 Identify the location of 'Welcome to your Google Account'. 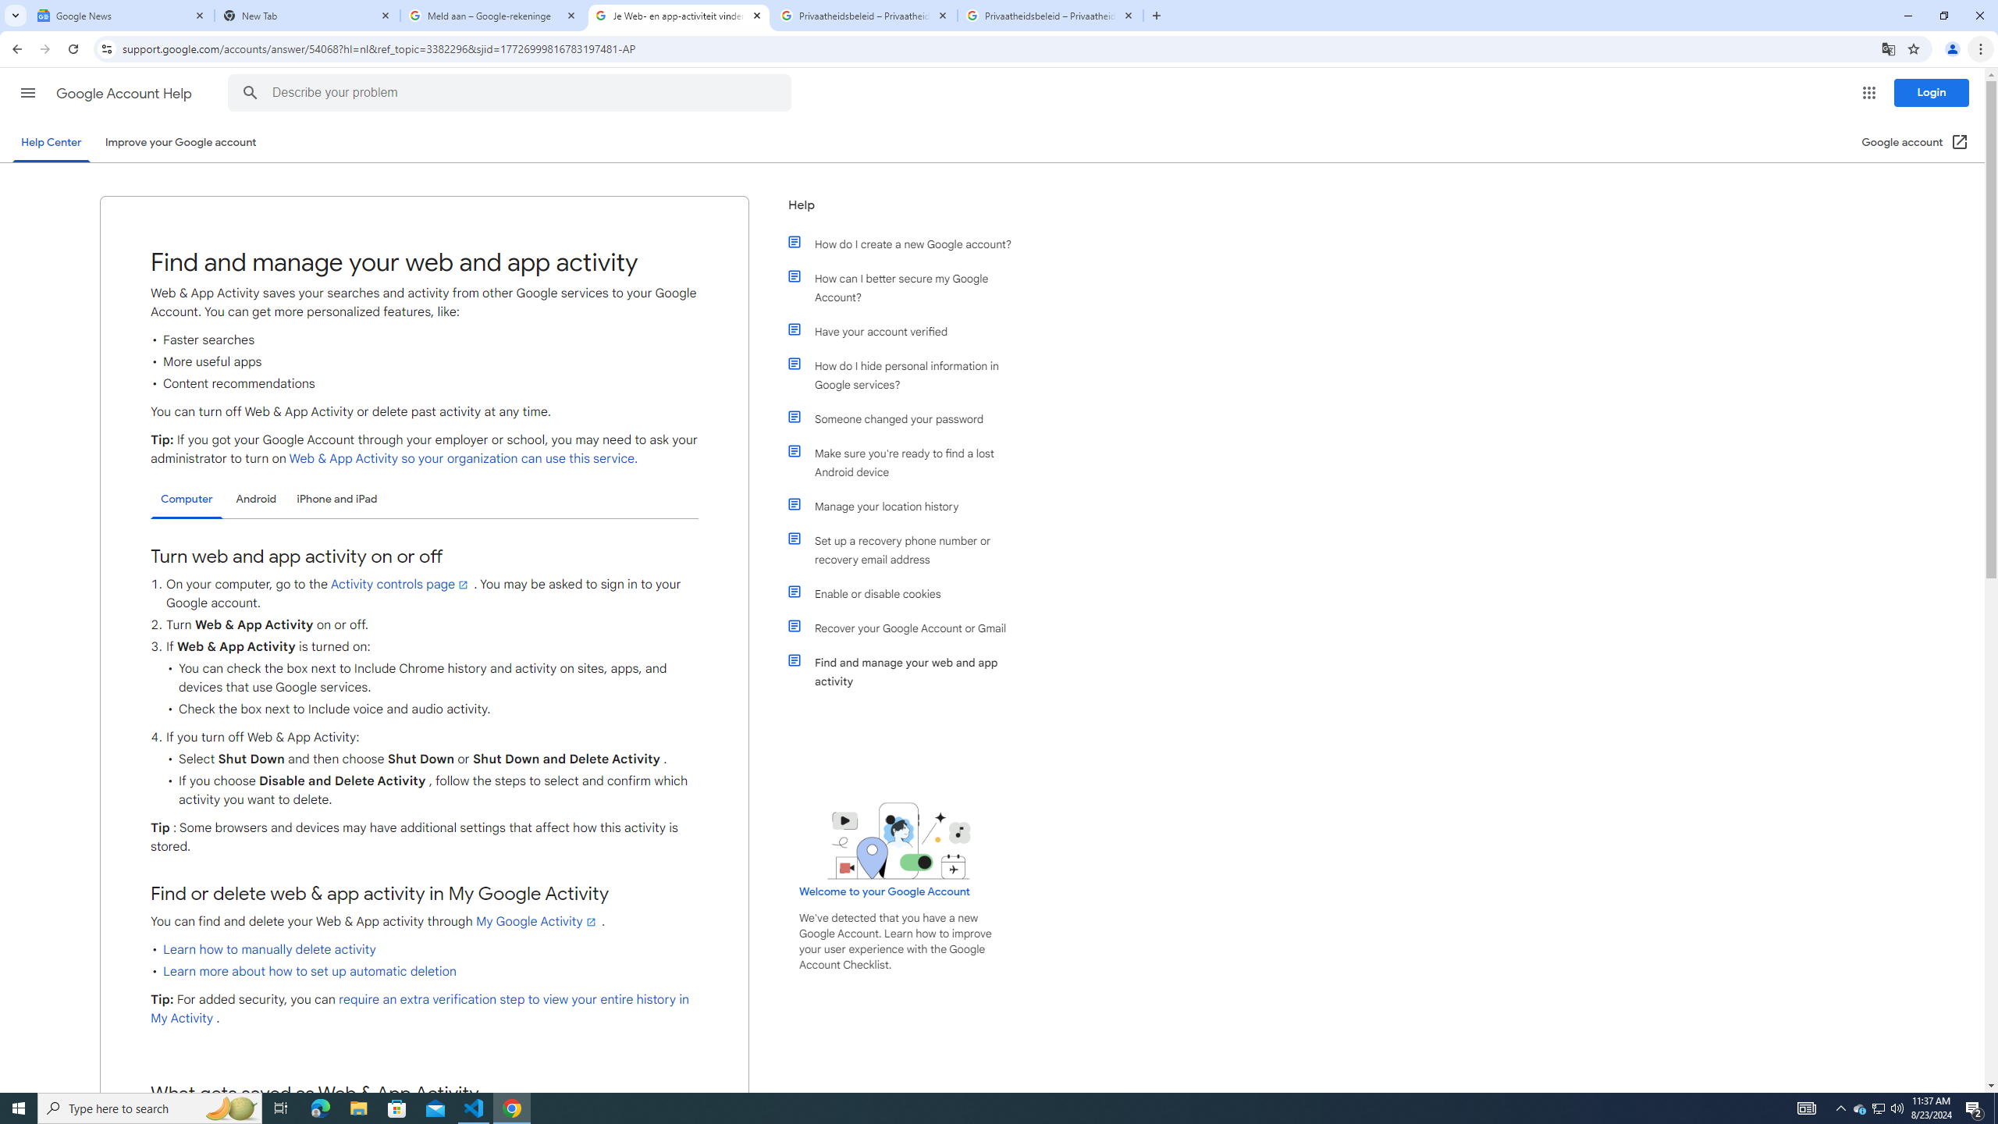
(884, 891).